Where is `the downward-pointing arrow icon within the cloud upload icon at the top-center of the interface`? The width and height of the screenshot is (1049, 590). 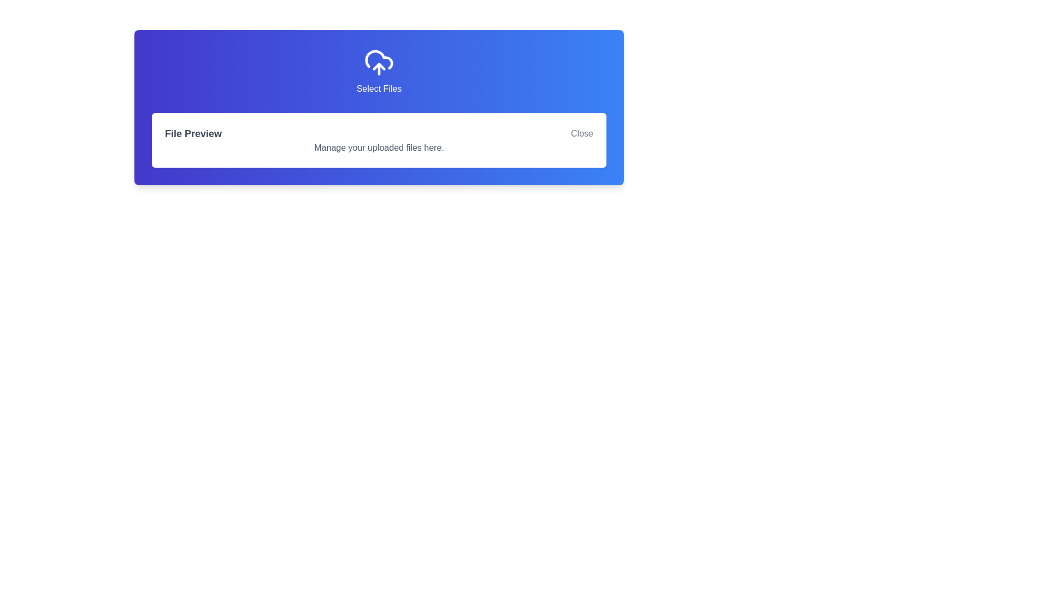 the downward-pointing arrow icon within the cloud upload icon at the top-center of the interface is located at coordinates (379, 67).